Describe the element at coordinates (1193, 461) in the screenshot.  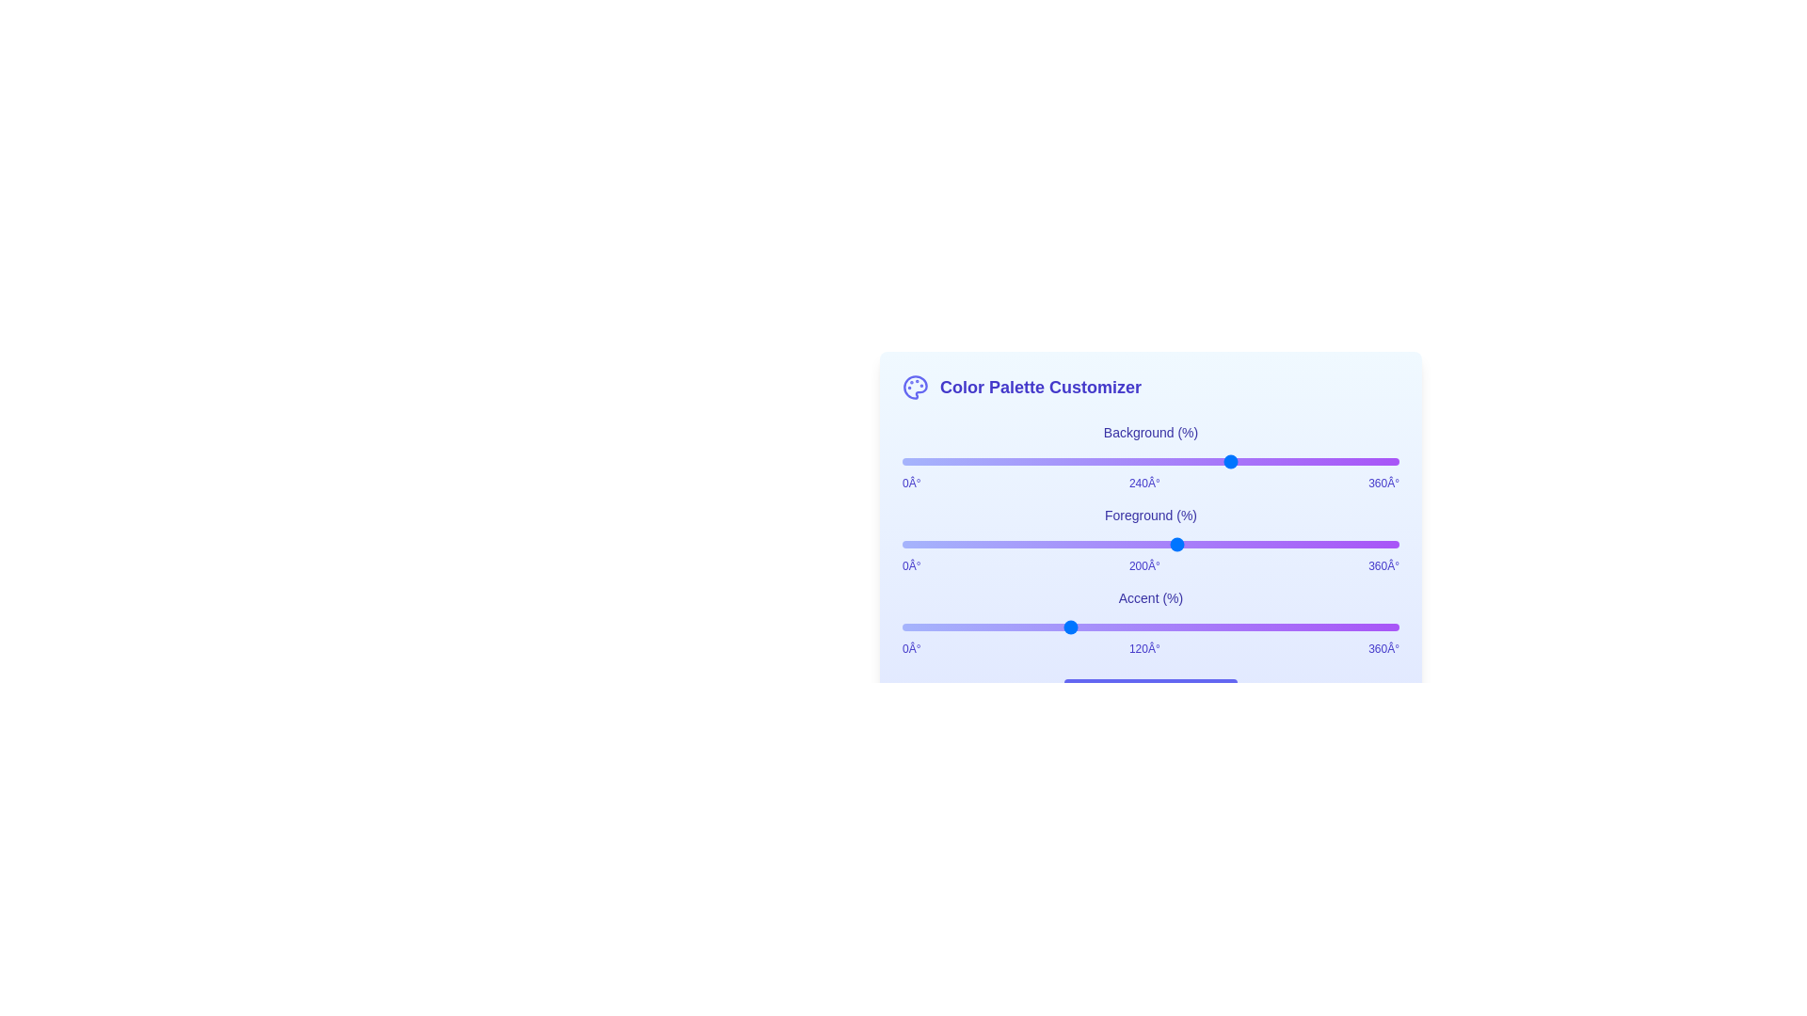
I see `the background color slider to set the hue to 212 degrees` at that location.